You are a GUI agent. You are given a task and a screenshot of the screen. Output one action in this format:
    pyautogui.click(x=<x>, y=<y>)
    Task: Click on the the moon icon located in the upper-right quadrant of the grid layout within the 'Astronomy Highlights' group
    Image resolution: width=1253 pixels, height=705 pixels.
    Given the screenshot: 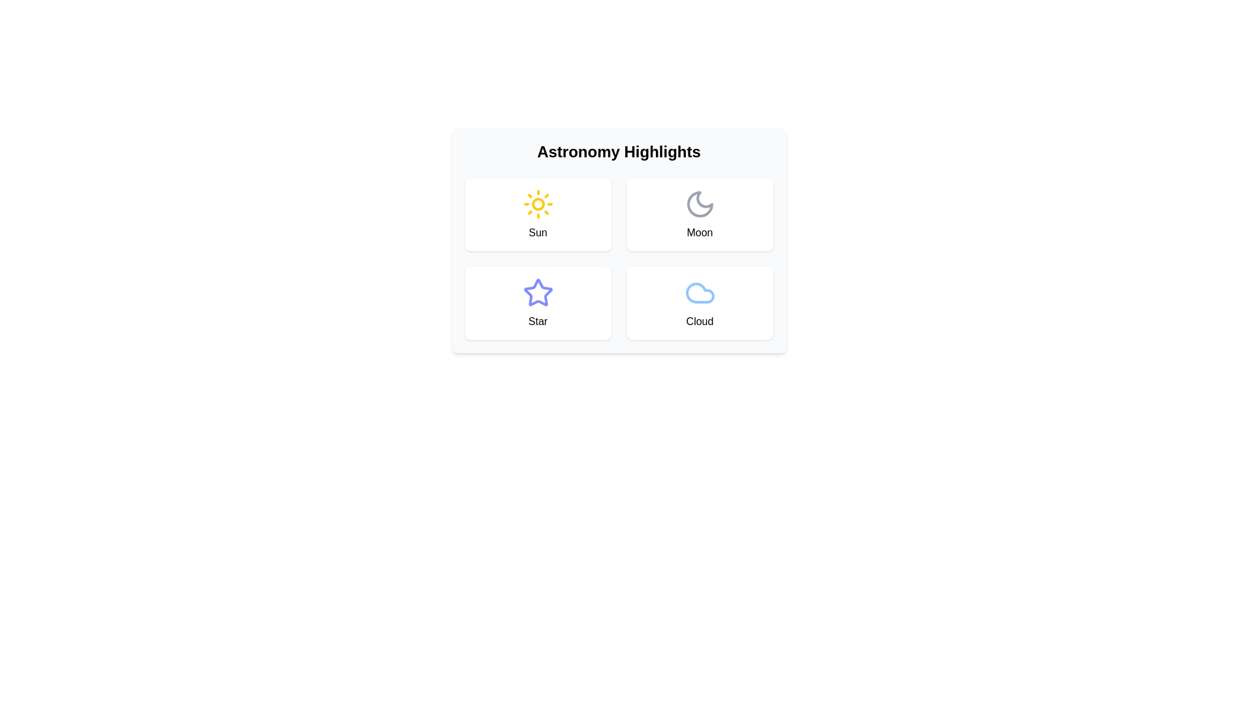 What is the action you would take?
    pyautogui.click(x=699, y=204)
    